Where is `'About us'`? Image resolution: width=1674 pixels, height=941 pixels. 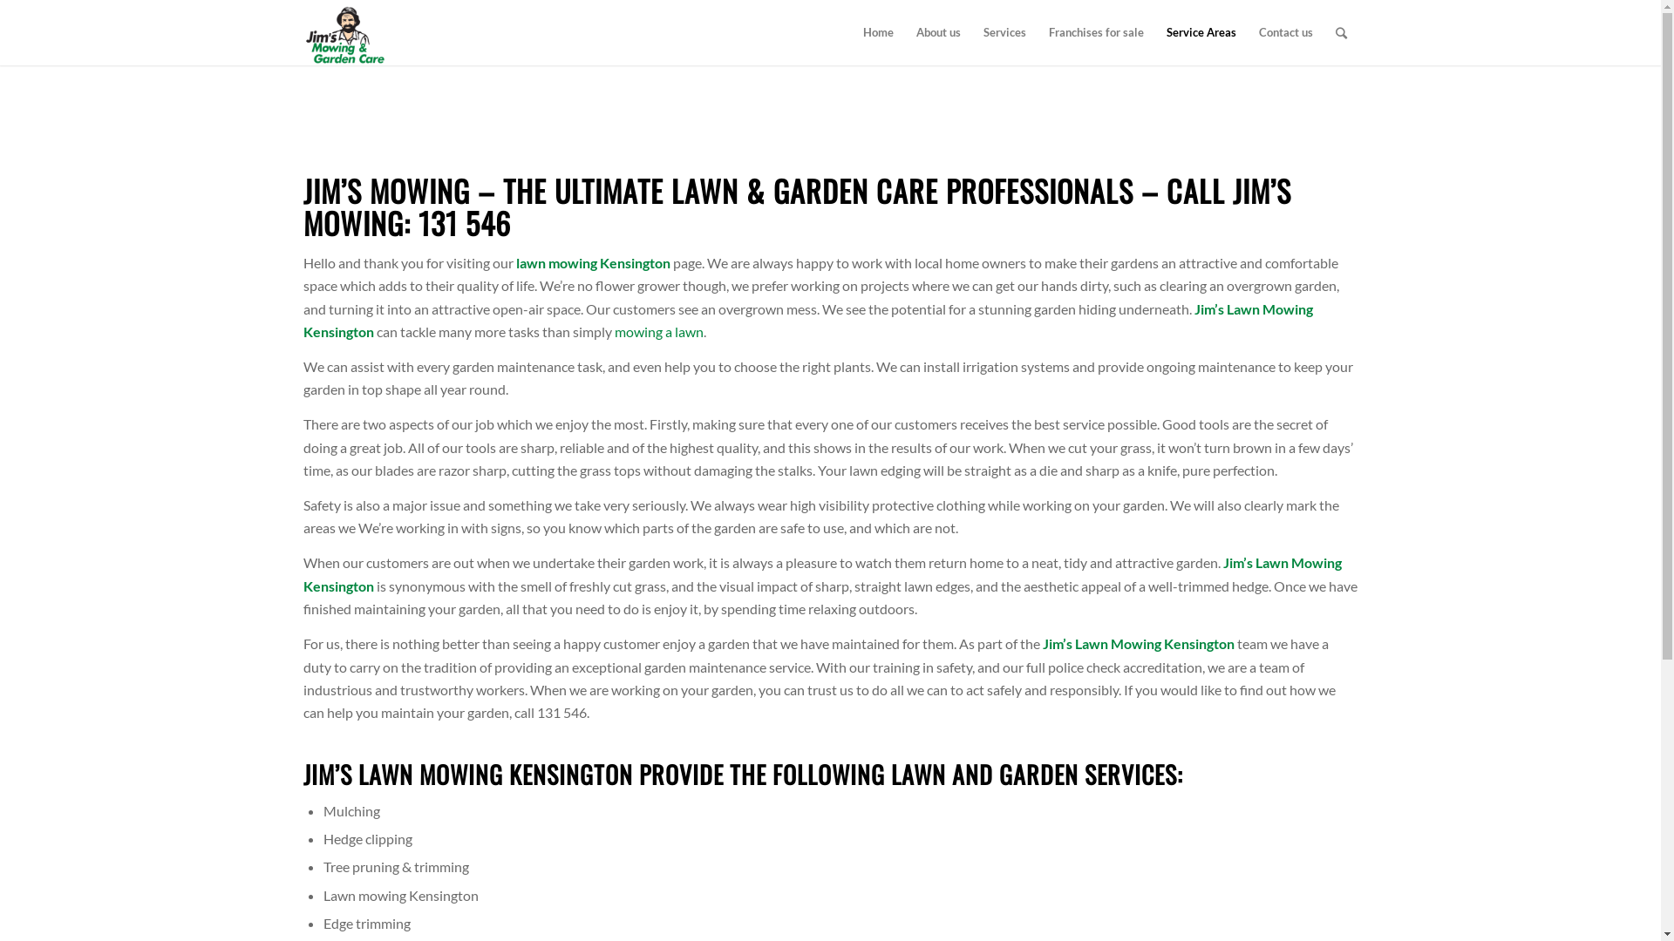 'About us' is located at coordinates (937, 32).